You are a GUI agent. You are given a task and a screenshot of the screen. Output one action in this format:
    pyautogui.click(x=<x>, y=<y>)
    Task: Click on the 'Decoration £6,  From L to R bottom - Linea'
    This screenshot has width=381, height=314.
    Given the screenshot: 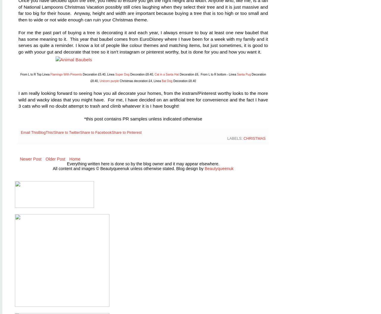 What is the action you would take?
    pyautogui.click(x=207, y=74)
    